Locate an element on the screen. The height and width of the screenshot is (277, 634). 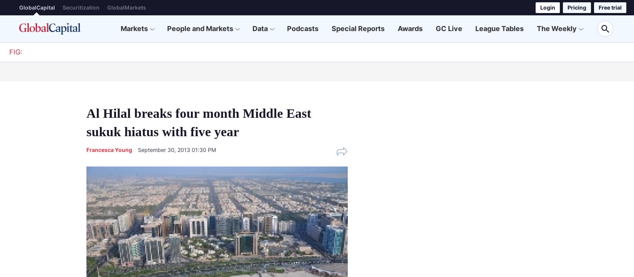
'Priced deals' is located at coordinates (285, 70).